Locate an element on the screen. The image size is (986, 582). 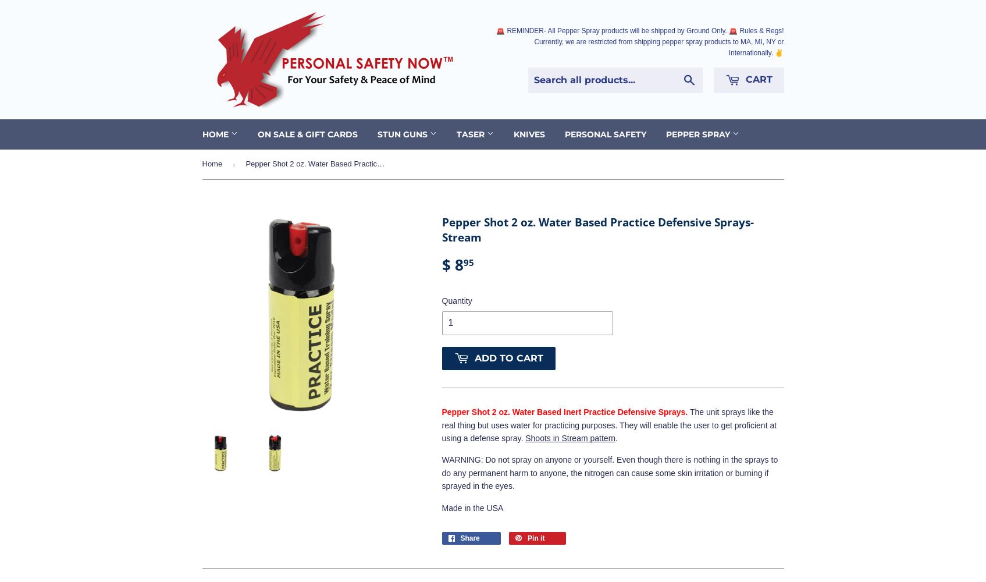
'WARNING: Do not spray on anyone or yourself. Even though there is nothing in the sprays to do any permanent harm to anyone, the nitrogen can cause some skin irritation or burning if sprayed in the eyes.' is located at coordinates (610, 473).